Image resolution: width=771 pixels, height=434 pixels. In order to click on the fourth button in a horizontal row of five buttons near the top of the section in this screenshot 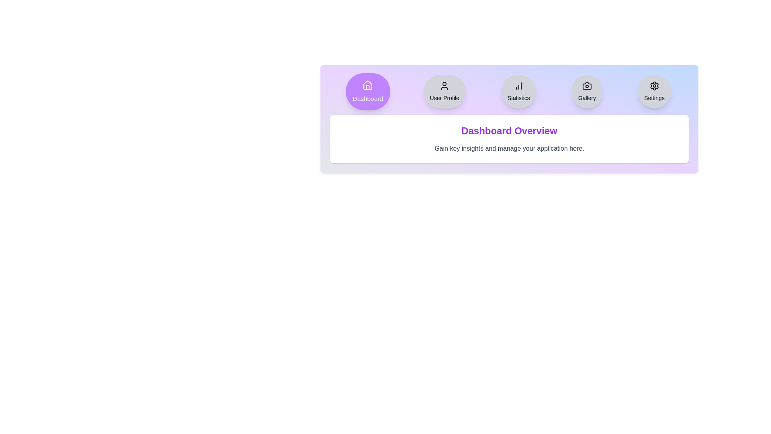, I will do `click(587, 91)`.